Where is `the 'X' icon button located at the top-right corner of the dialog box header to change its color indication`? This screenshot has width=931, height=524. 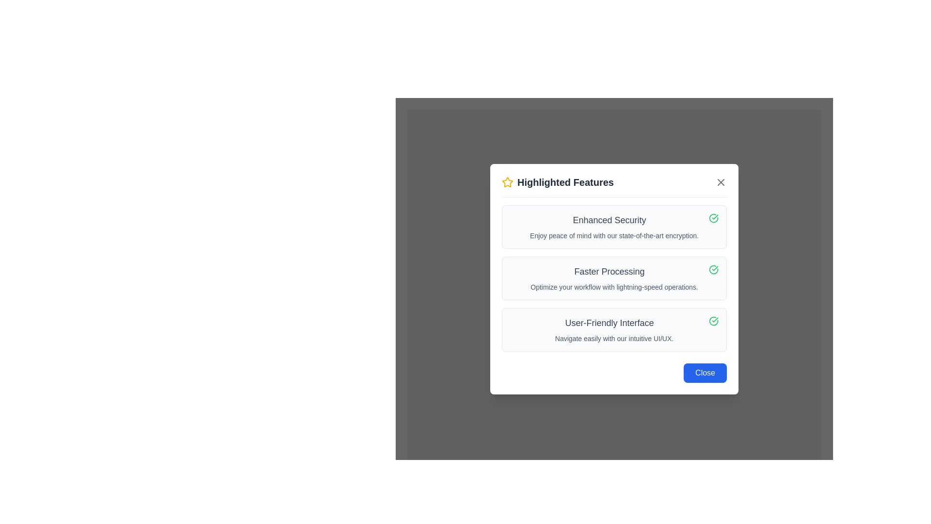 the 'X' icon button located at the top-right corner of the dialog box header to change its color indication is located at coordinates (721, 181).